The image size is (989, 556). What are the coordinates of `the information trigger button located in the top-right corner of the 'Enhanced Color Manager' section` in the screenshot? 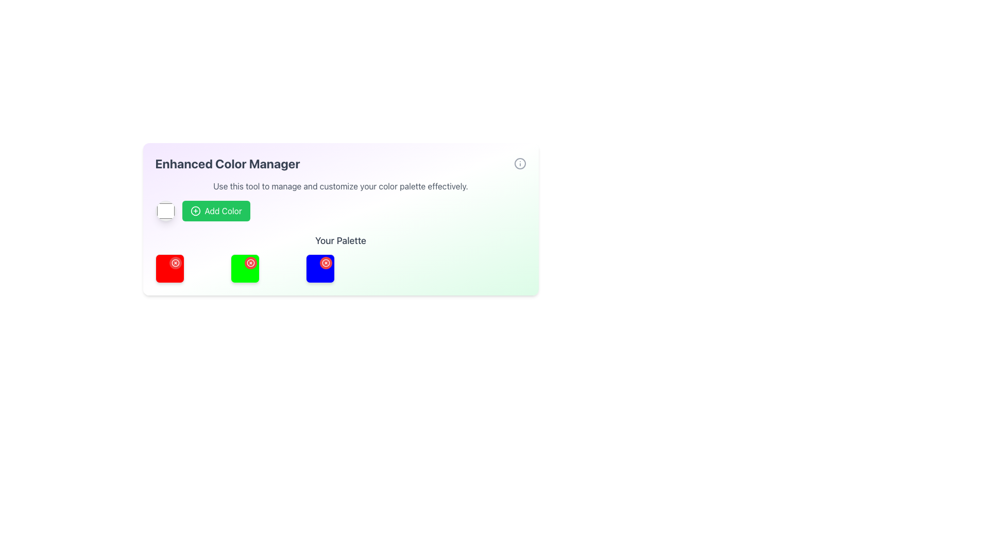 It's located at (520, 163).